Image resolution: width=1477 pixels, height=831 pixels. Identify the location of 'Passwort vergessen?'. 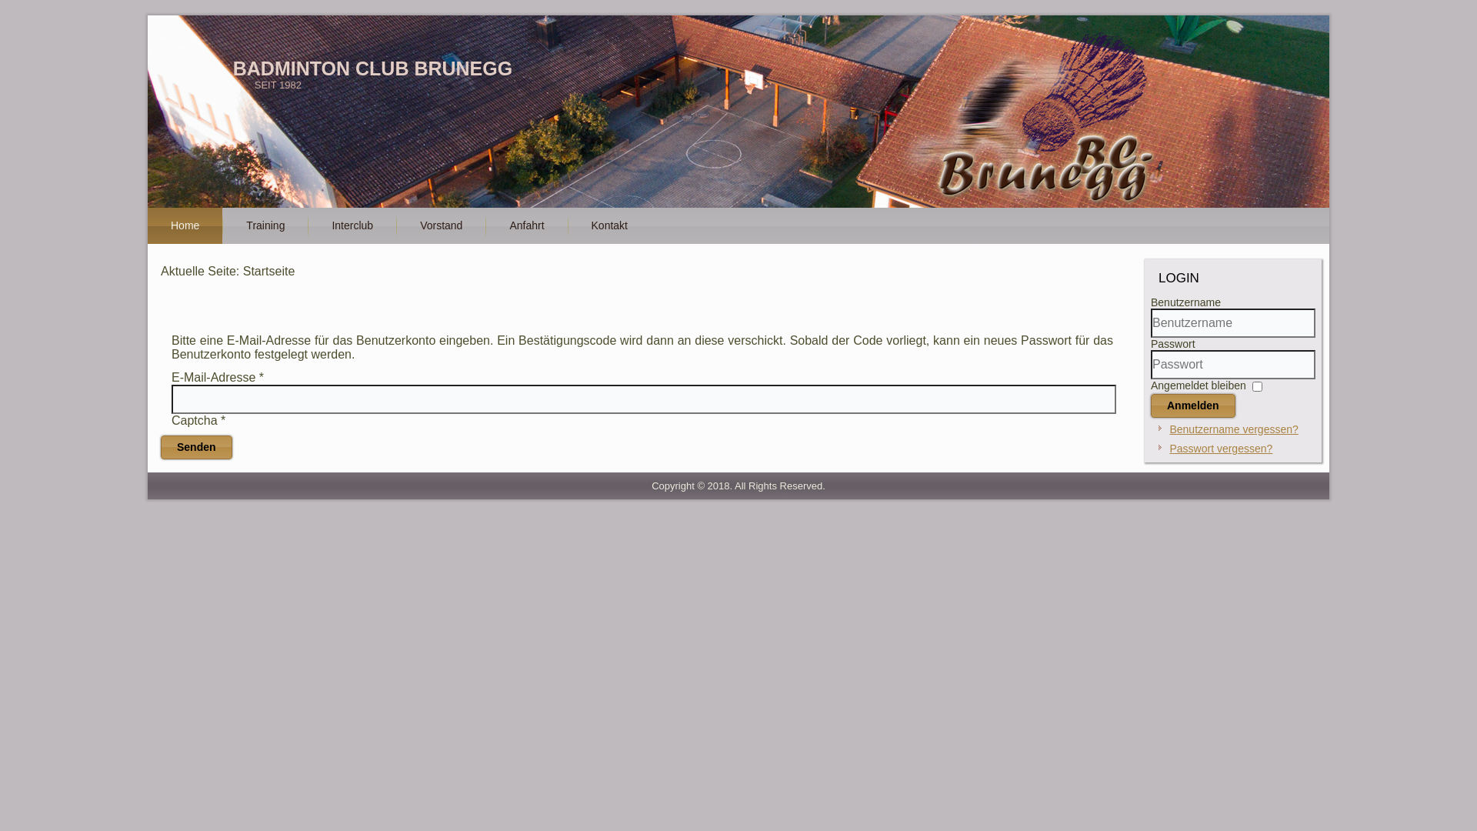
(1220, 448).